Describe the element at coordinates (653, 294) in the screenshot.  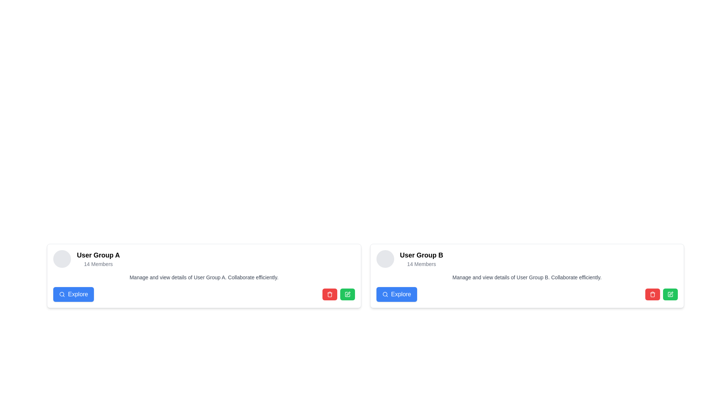
I see `the trash icon button located at the bottom-right corner of the 'User Group B' card to initiate a delete action` at that location.